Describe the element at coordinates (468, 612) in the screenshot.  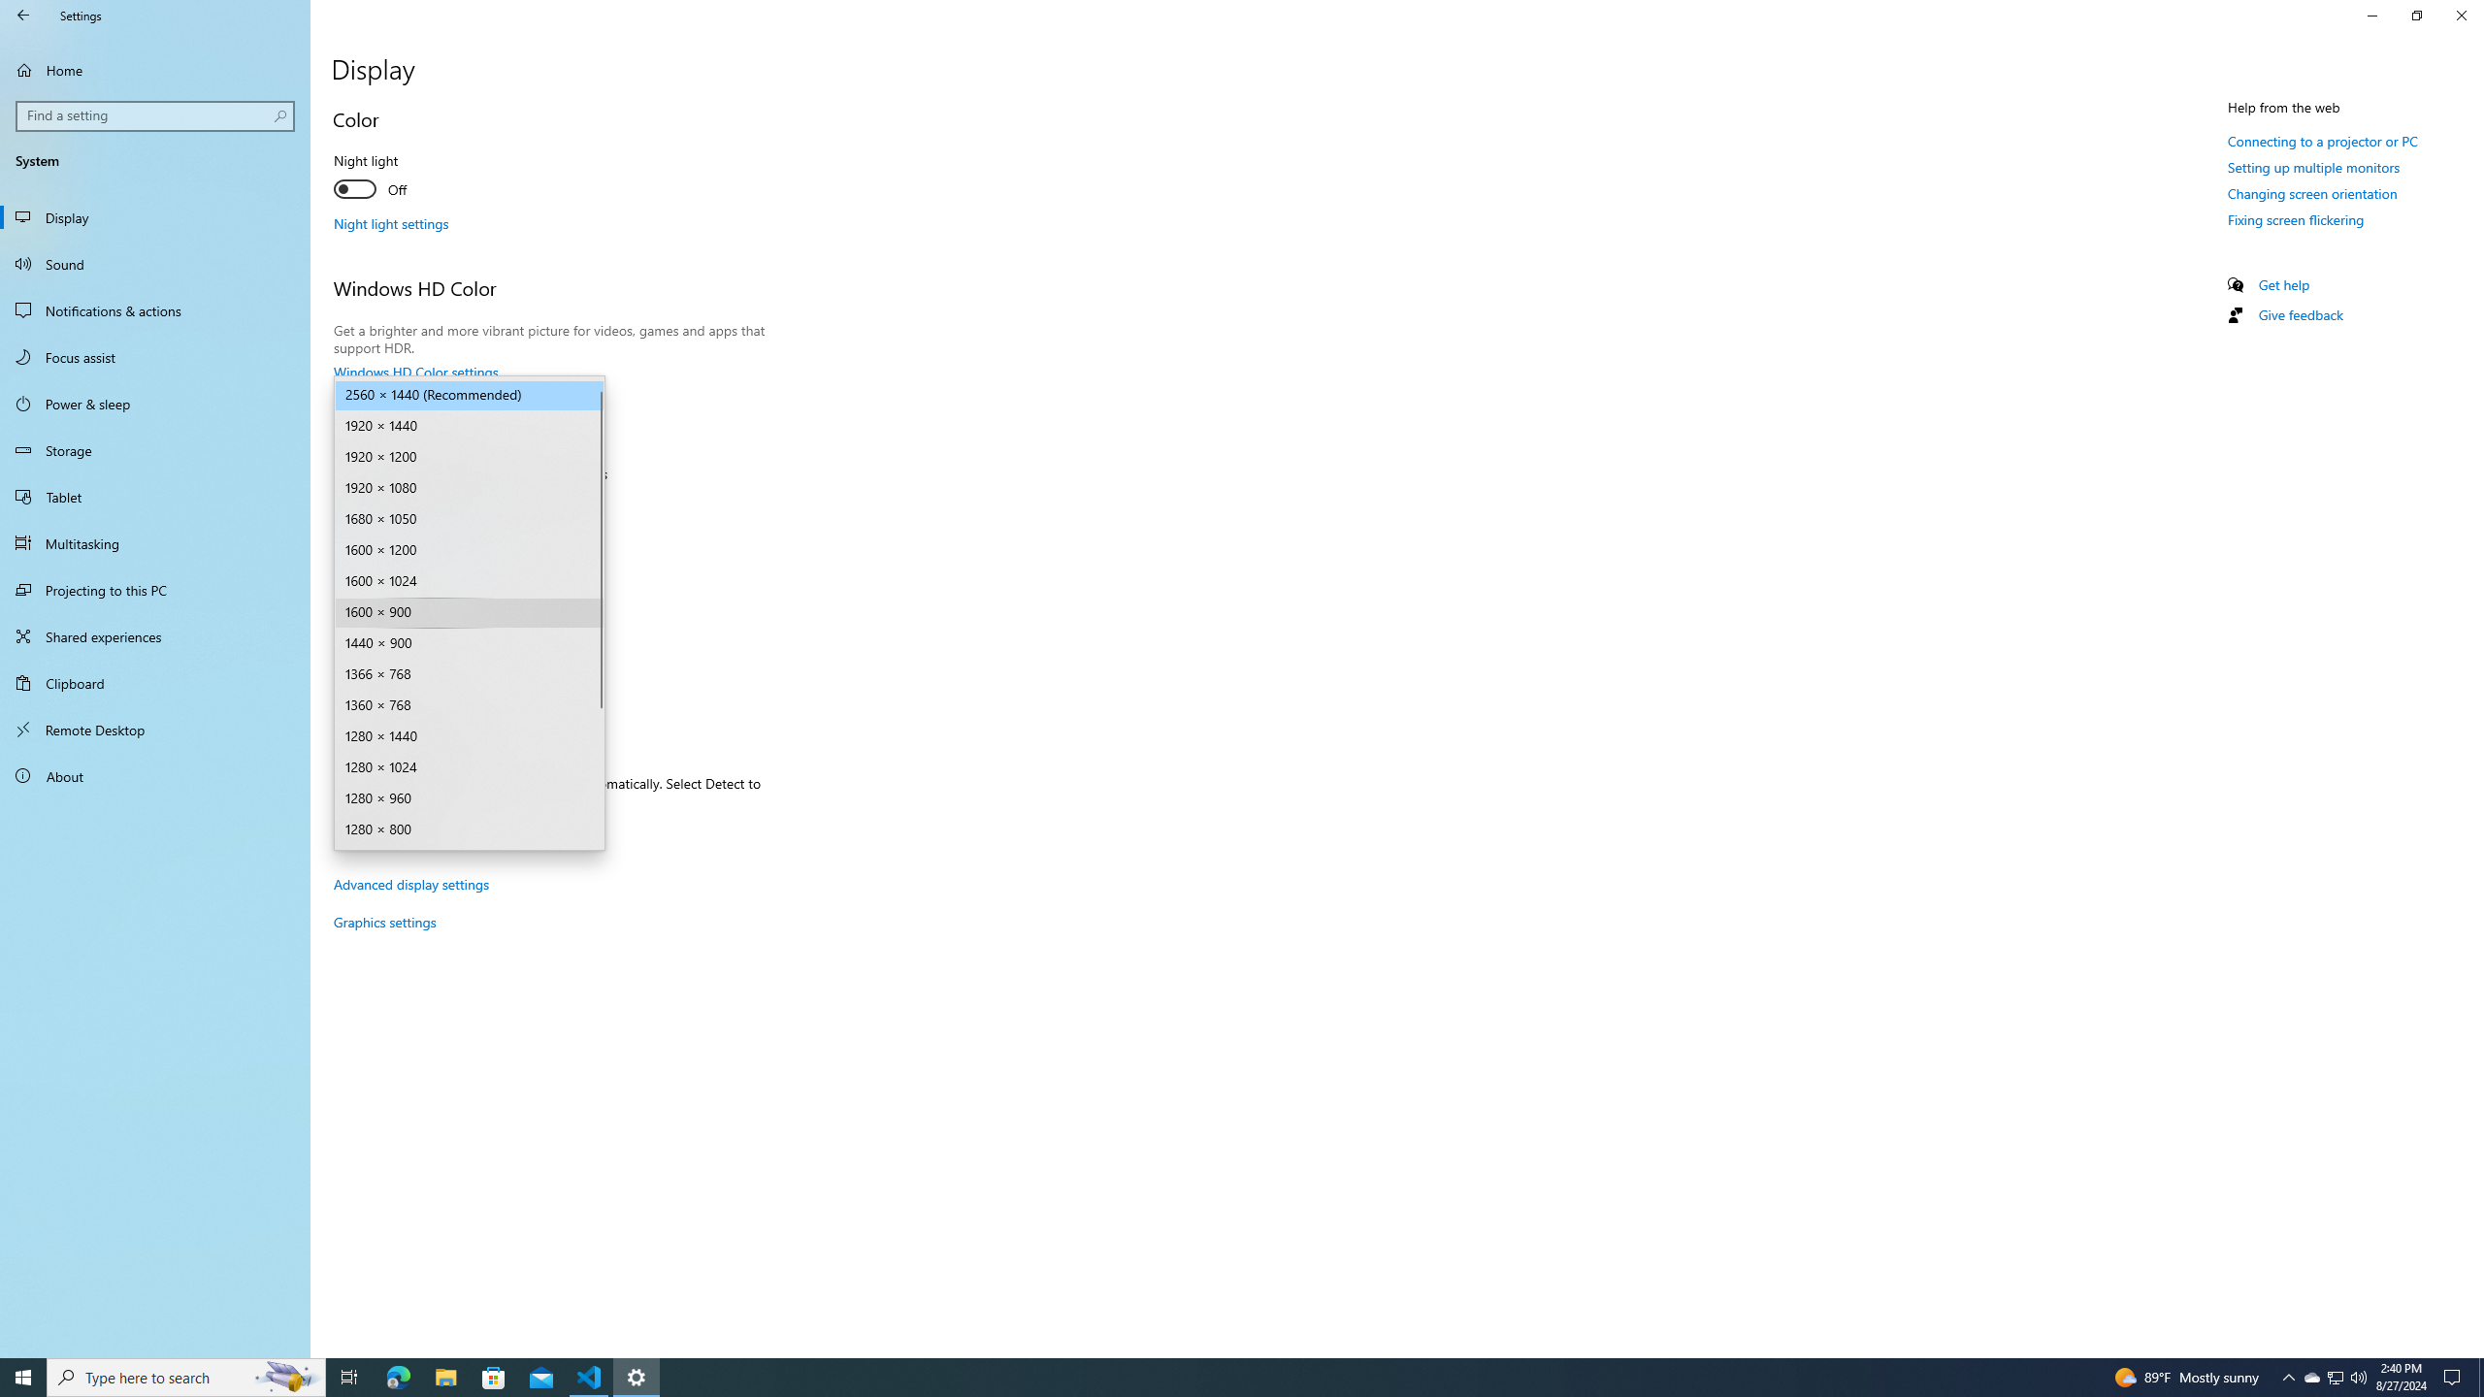
I see `'Display resolution'` at that location.